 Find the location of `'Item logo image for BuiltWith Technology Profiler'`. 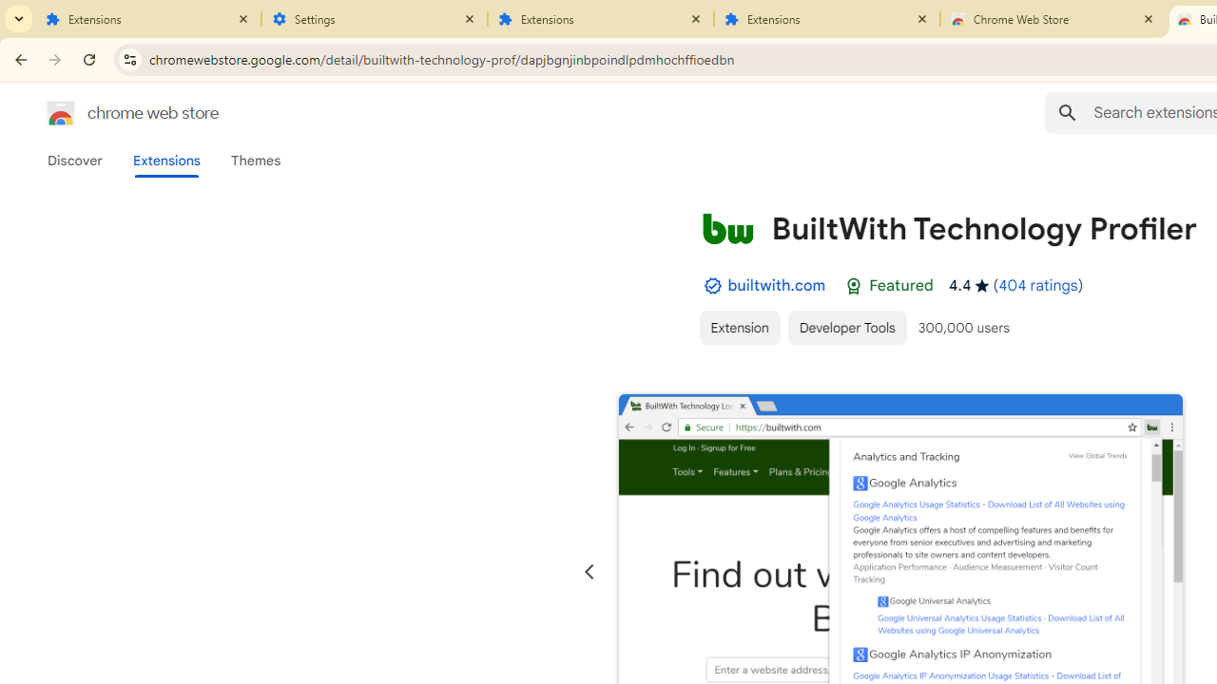

'Item logo image for BuiltWith Technology Profiler' is located at coordinates (726, 227).